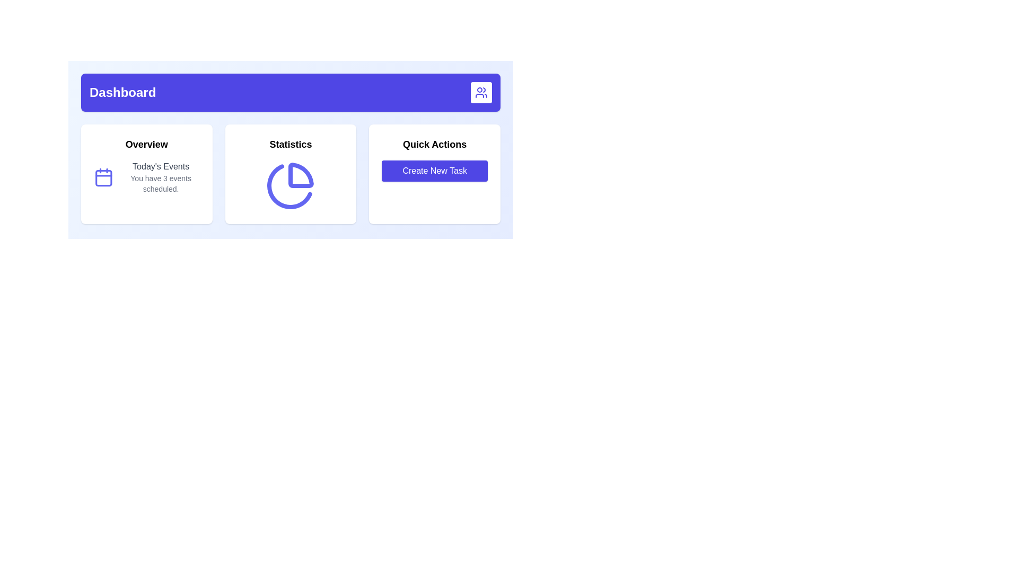 The image size is (1018, 572). I want to click on the 'Dashboard' text label, which displays in a bold font style on a blue background at the top of the interface, so click(122, 92).